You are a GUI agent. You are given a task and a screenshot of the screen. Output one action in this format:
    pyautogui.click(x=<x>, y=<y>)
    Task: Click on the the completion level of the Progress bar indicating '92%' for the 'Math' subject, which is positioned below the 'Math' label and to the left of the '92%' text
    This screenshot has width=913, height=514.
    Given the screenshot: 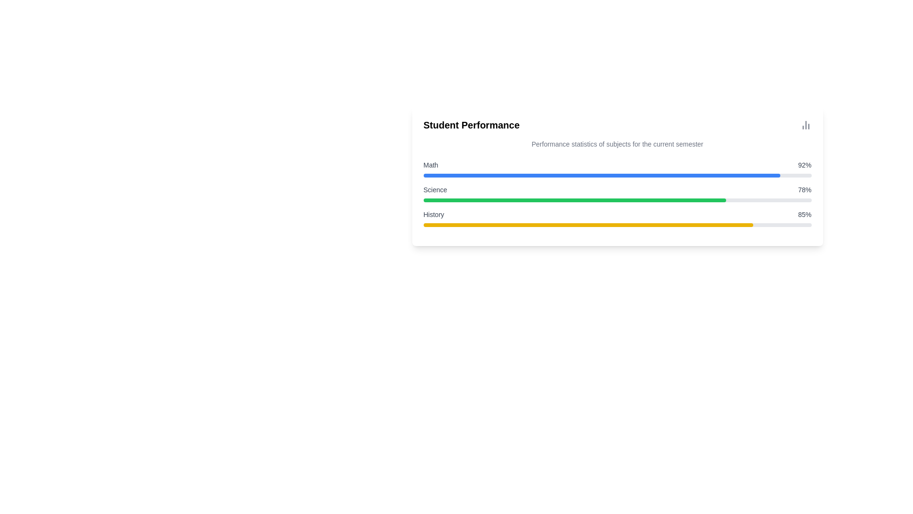 What is the action you would take?
    pyautogui.click(x=617, y=176)
    